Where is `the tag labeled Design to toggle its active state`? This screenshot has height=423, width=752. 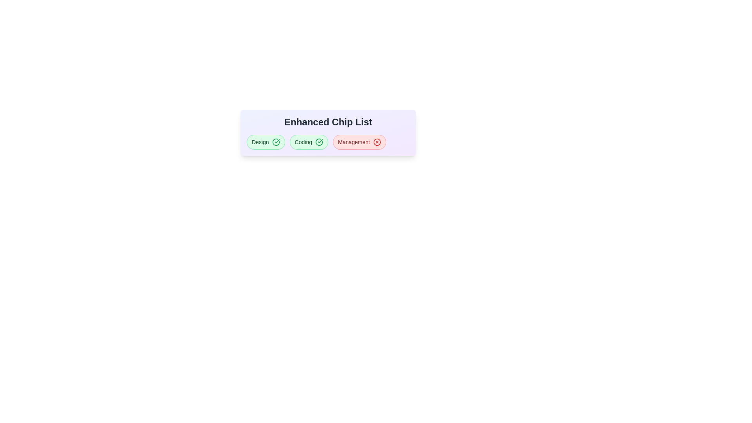
the tag labeled Design to toggle its active state is located at coordinates (266, 142).